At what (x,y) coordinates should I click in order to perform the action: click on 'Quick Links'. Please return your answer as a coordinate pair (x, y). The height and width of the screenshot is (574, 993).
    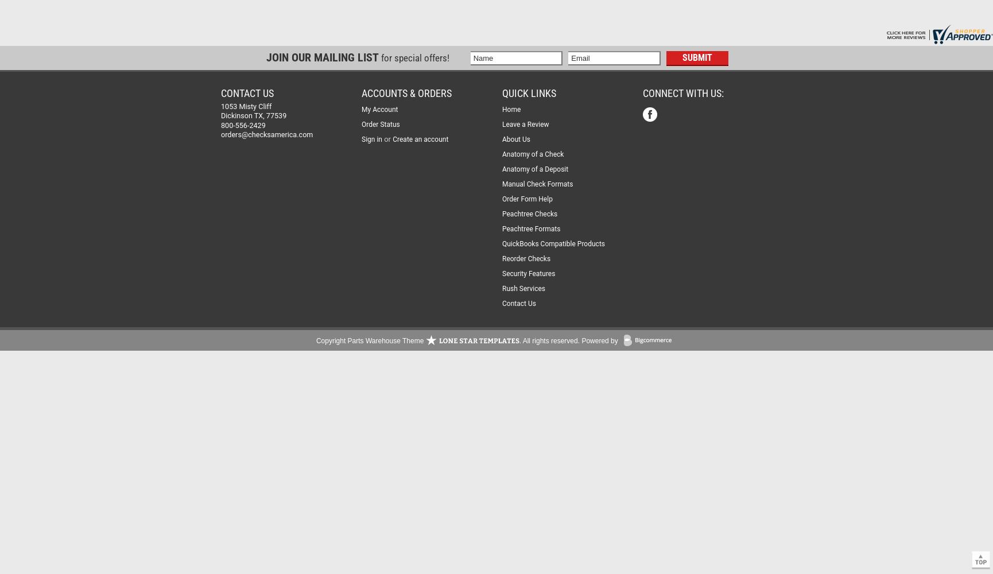
    Looking at the image, I should click on (529, 93).